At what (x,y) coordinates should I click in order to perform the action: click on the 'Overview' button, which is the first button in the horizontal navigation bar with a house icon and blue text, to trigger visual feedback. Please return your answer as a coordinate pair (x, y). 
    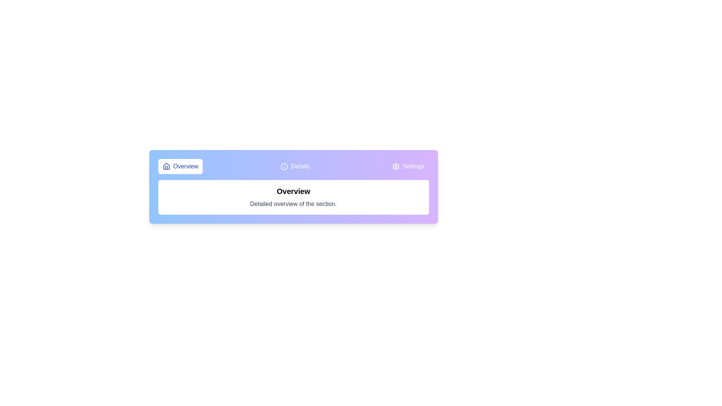
    Looking at the image, I should click on (180, 166).